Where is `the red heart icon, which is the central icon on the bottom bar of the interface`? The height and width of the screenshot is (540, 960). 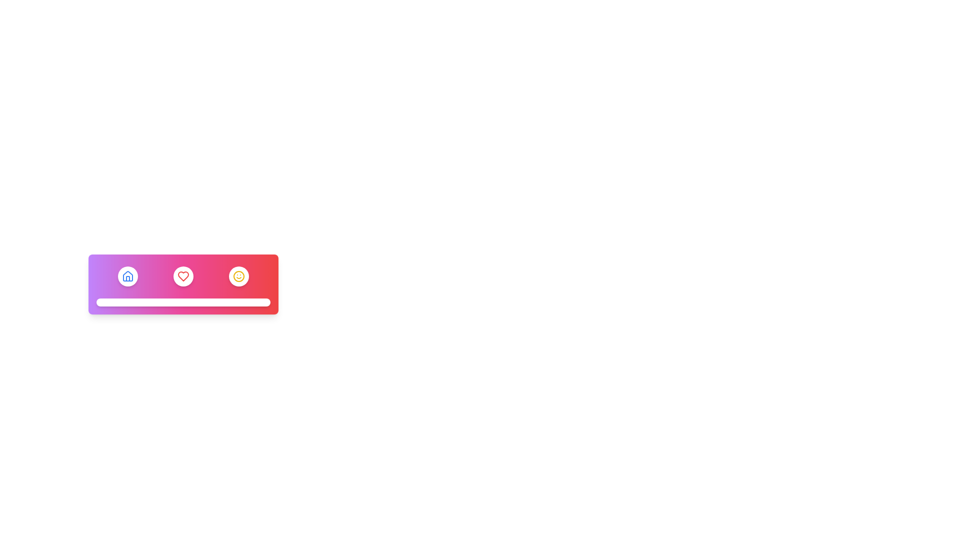
the red heart icon, which is the central icon on the bottom bar of the interface is located at coordinates (183, 276).